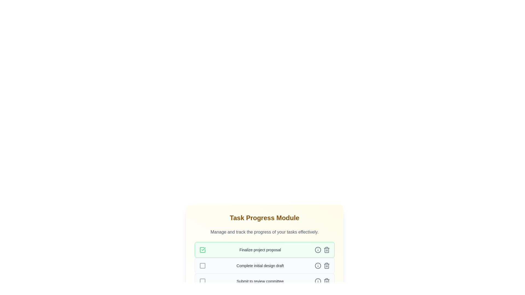 This screenshot has height=295, width=525. What do you see at coordinates (202, 281) in the screenshot?
I see `the unselected checkbox located to the left of the 'Submit to review committee' task in the vertical task list` at bounding box center [202, 281].